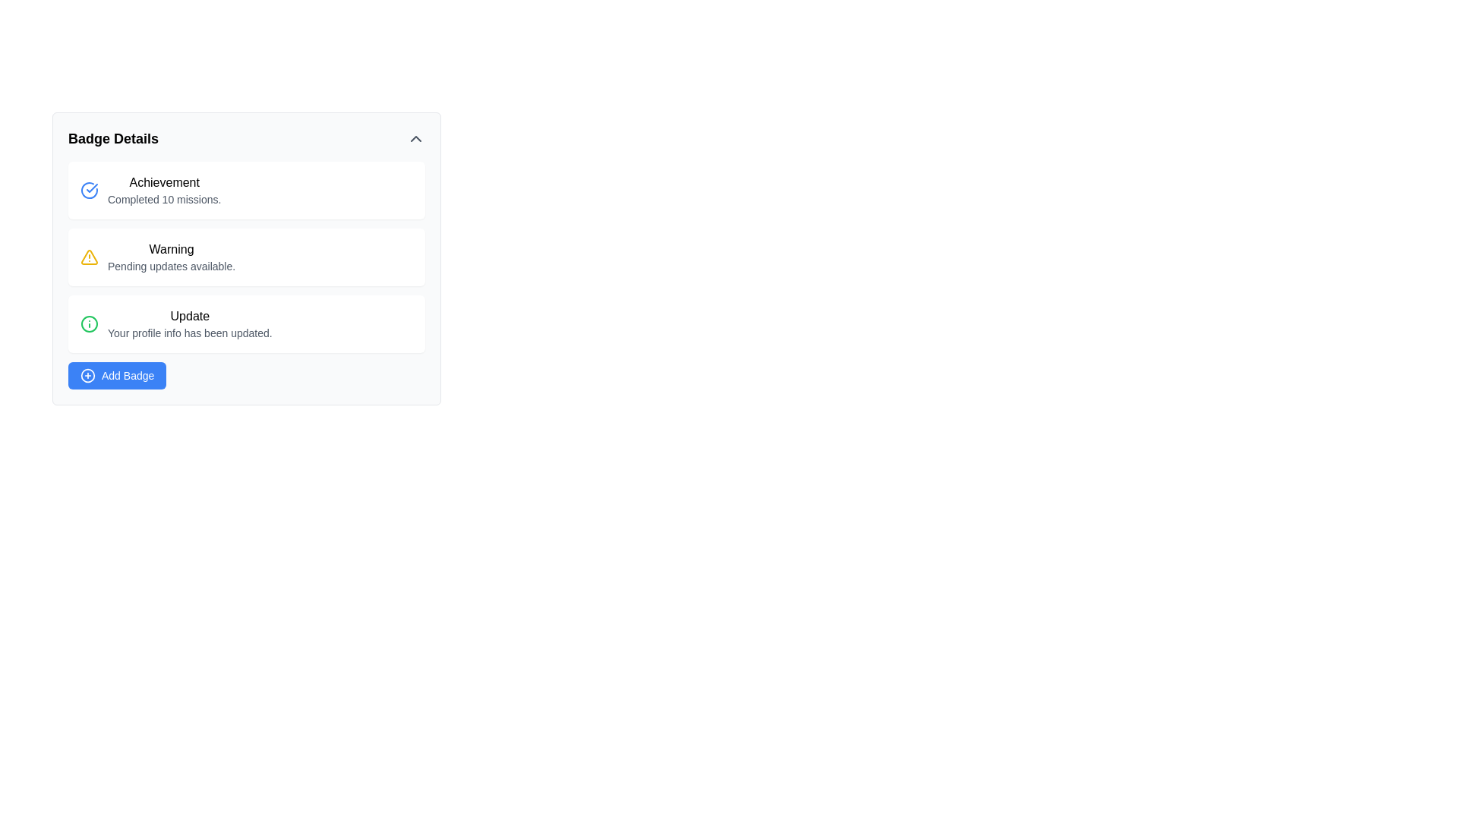 This screenshot has width=1458, height=820. I want to click on the 'Warning' text label, which is positioned in the alerts section between 'Achievement' and 'Update', and next to the warning icon, so click(171, 248).